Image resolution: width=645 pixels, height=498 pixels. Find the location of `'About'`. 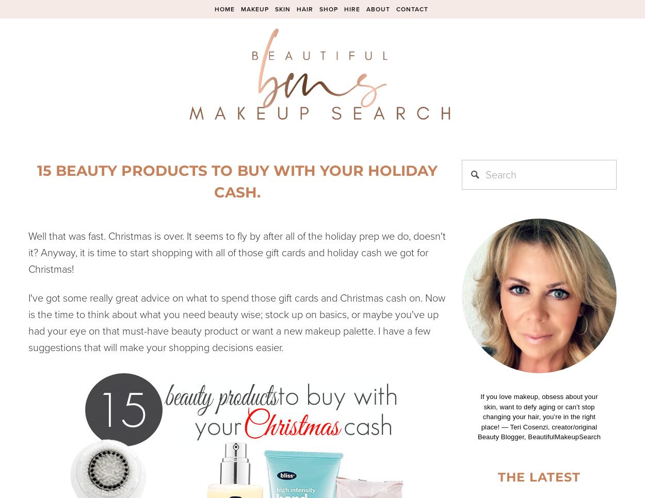

'About' is located at coordinates (377, 8).